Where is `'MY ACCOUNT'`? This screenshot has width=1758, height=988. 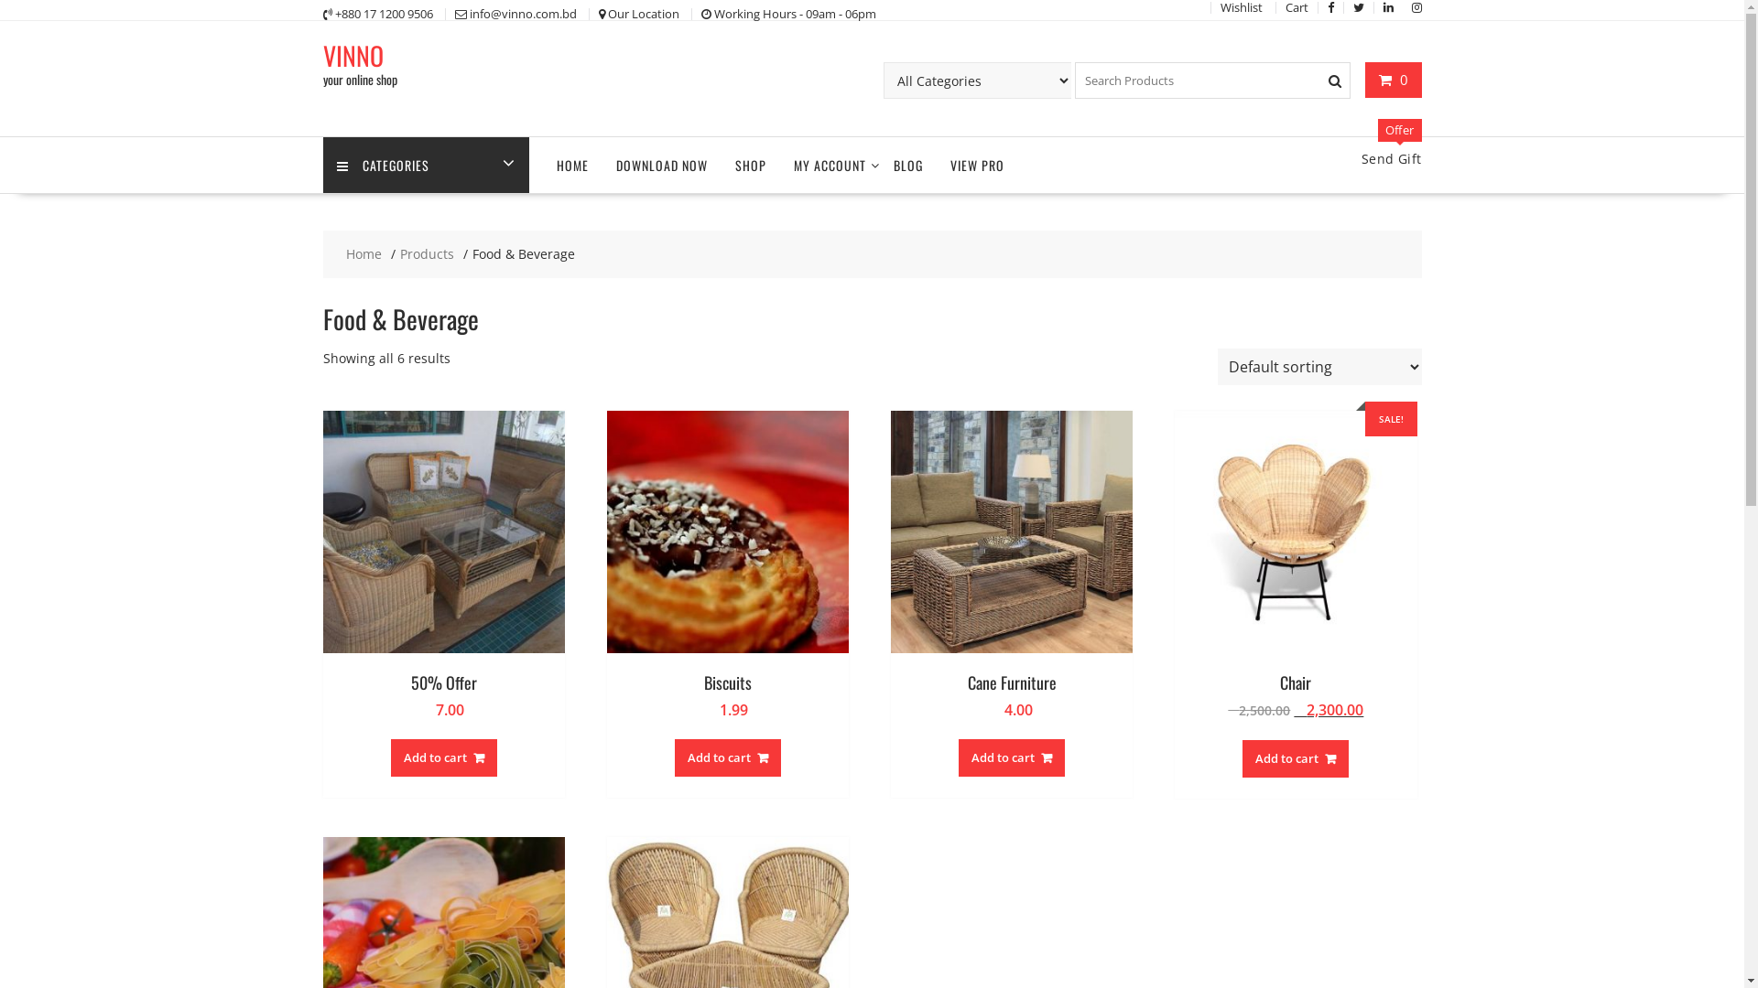 'MY ACCOUNT' is located at coordinates (829, 165).